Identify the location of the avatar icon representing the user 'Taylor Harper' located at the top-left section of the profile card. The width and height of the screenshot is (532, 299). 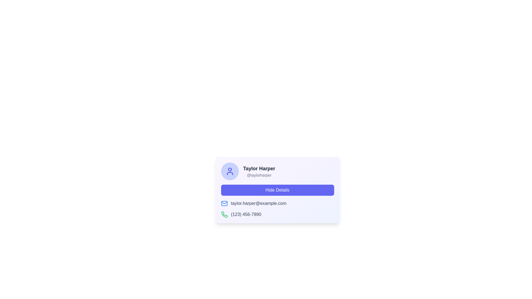
(230, 171).